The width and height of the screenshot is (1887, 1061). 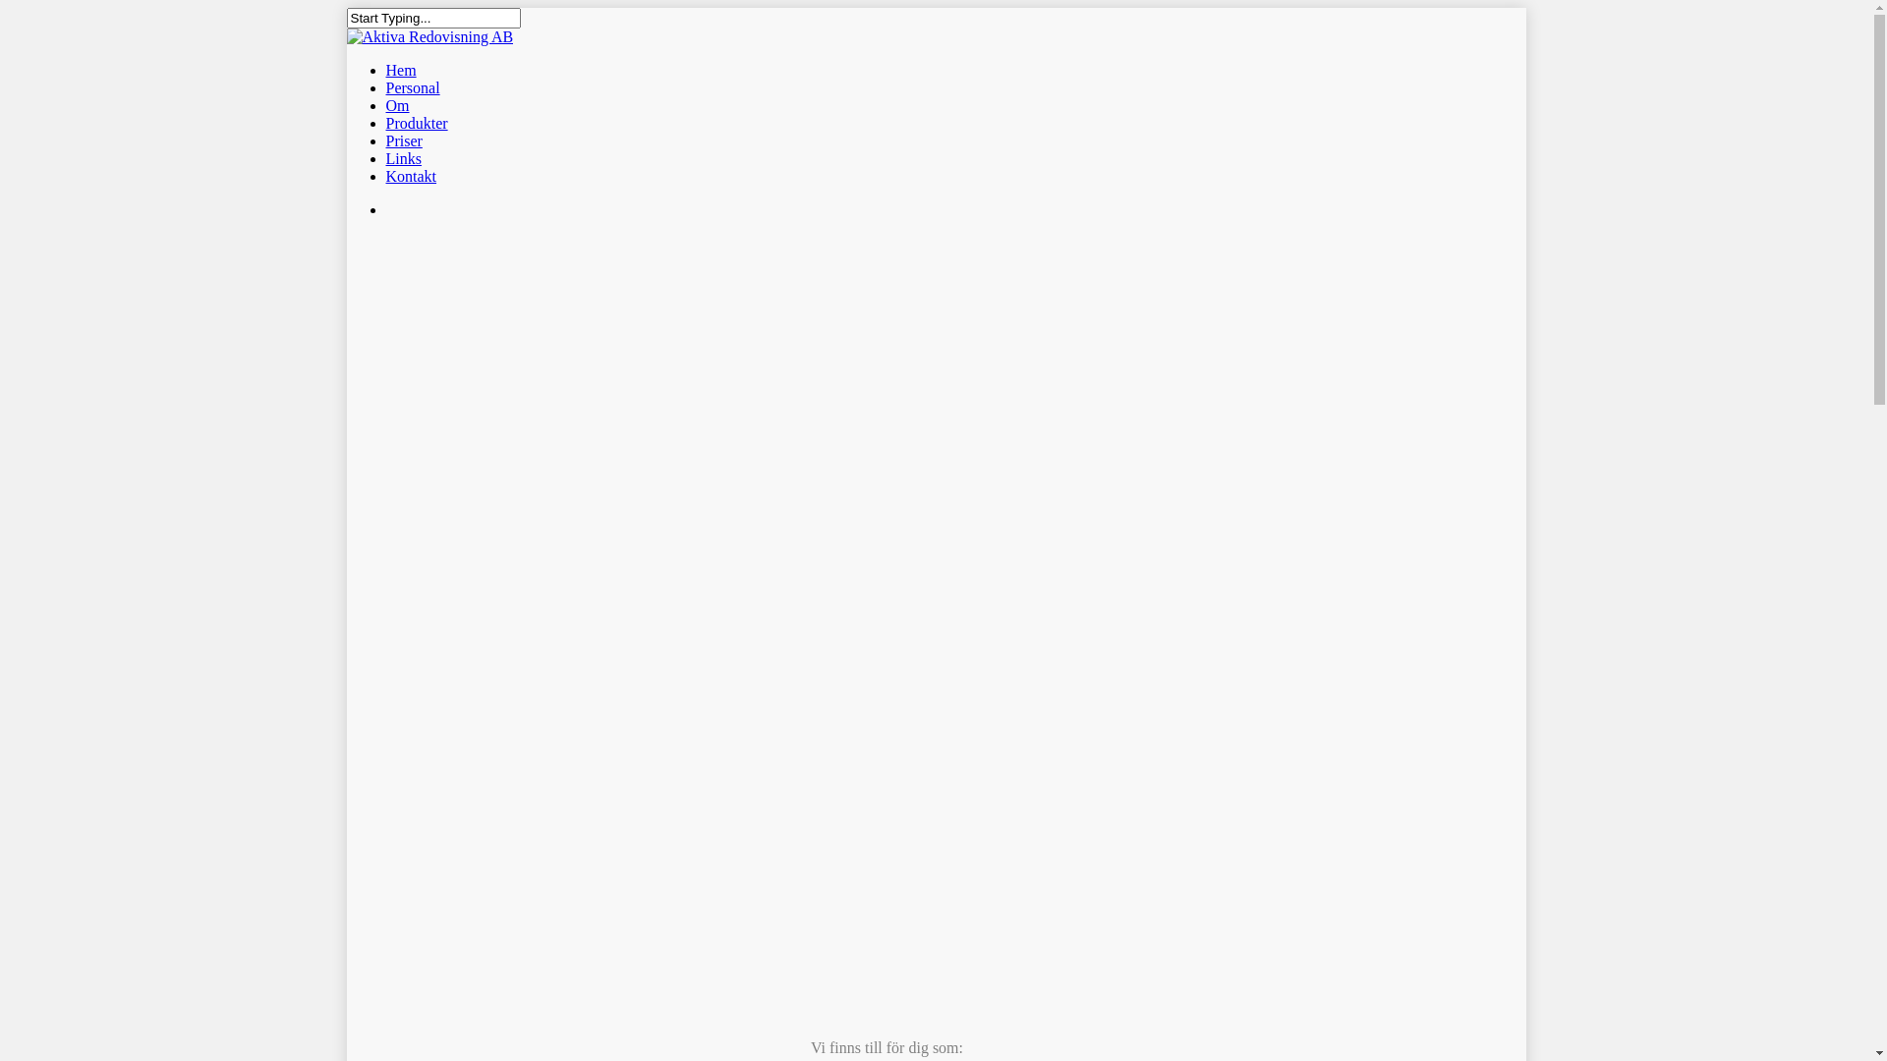 I want to click on 'Hem', so click(x=385, y=69).